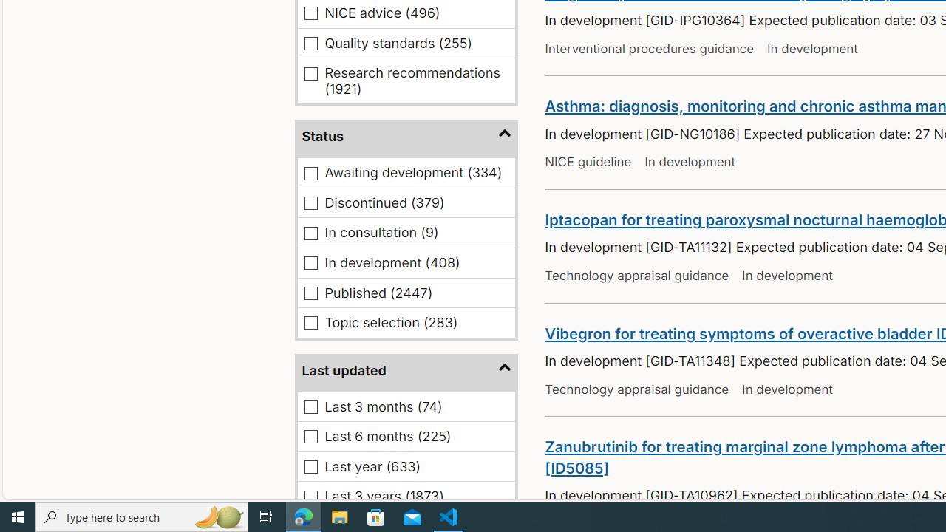 The image size is (946, 532). I want to click on 'Status', so click(406, 137).